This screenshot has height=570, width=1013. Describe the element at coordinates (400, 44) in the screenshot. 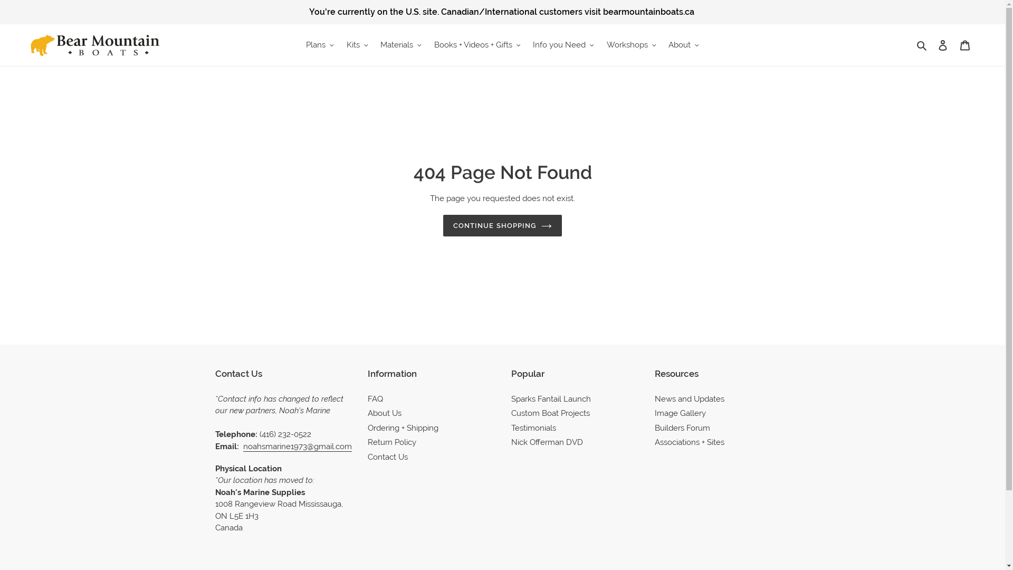

I see `'Materials'` at that location.